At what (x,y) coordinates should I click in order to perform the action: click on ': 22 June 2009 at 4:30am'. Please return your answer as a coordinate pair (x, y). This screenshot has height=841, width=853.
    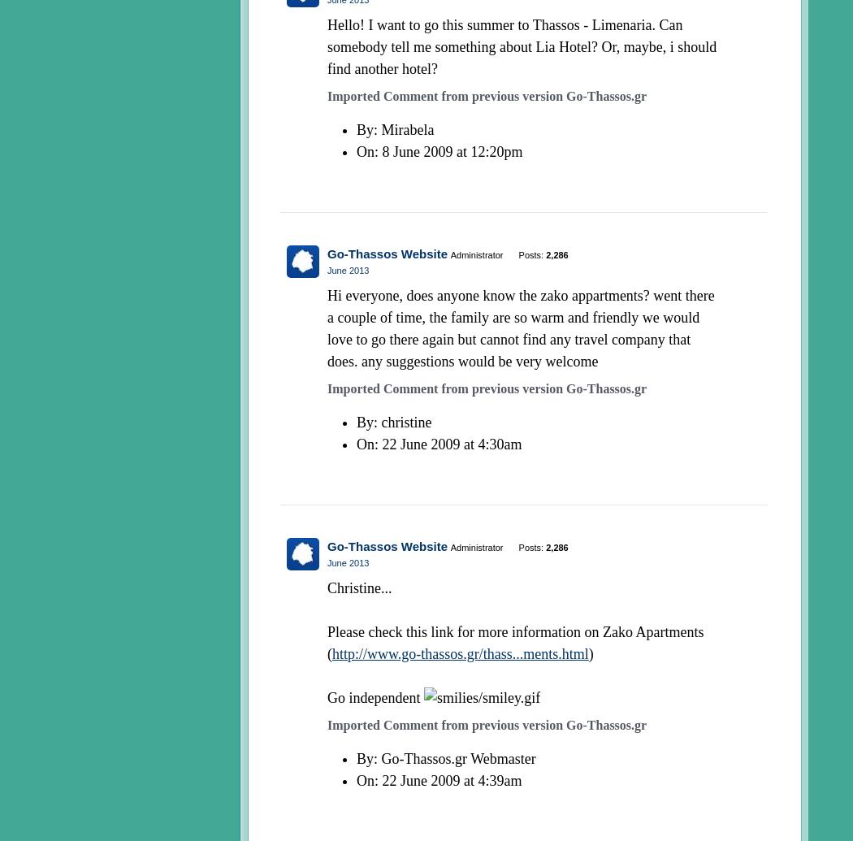
    Looking at the image, I should click on (448, 442).